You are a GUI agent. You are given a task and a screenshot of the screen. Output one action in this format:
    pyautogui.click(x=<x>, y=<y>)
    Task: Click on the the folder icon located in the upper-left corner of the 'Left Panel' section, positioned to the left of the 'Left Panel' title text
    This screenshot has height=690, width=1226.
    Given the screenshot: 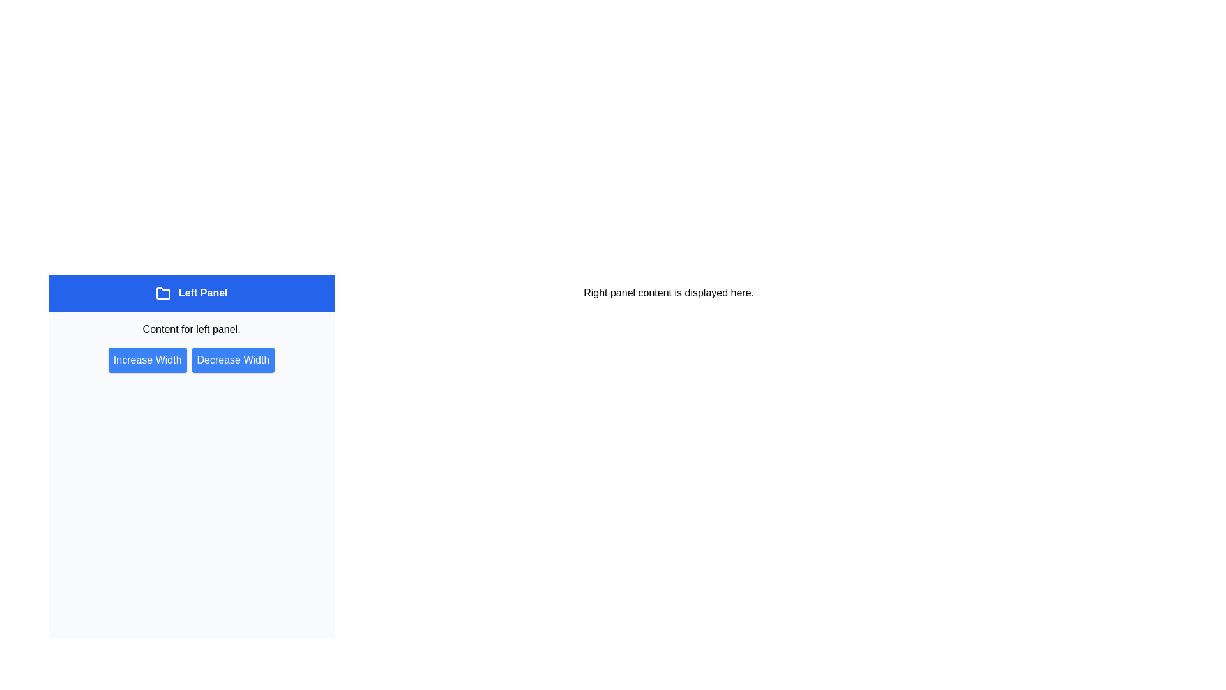 What is the action you would take?
    pyautogui.click(x=162, y=293)
    